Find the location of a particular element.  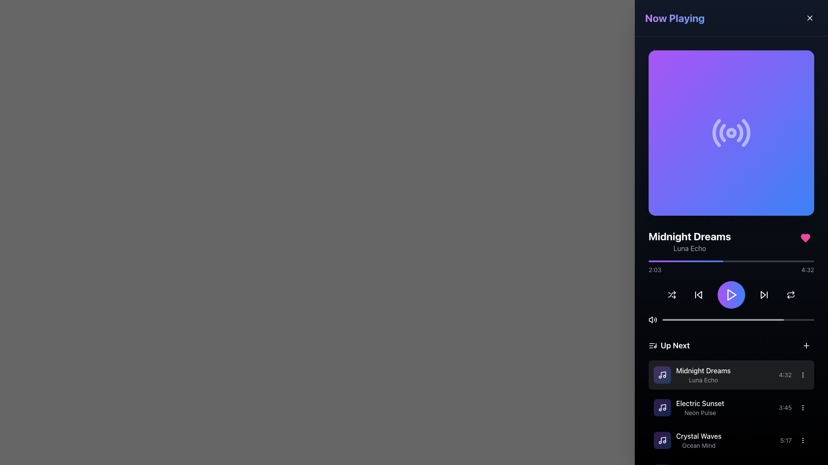

to select the 'Crystal Waves' track from the third item in the vertically stacked playlist under the 'Up Next' section is located at coordinates (731, 440).